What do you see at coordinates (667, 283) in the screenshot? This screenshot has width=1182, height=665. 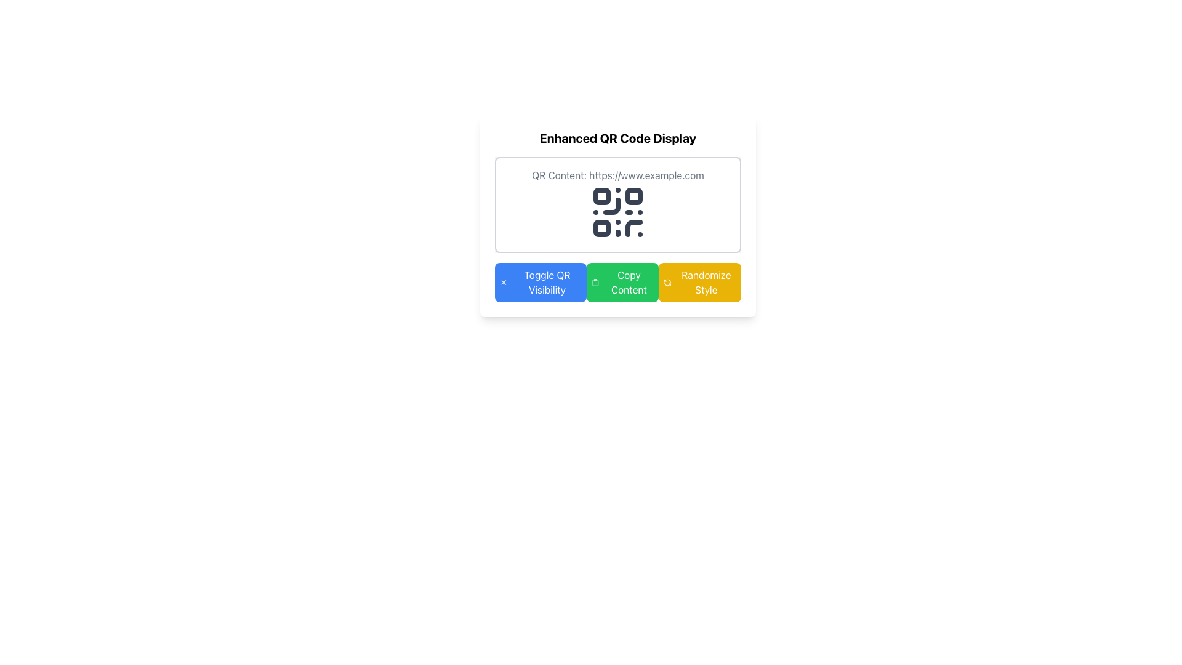 I see `the circular yellow refresh icon located within the 'Randomize Style' button` at bounding box center [667, 283].